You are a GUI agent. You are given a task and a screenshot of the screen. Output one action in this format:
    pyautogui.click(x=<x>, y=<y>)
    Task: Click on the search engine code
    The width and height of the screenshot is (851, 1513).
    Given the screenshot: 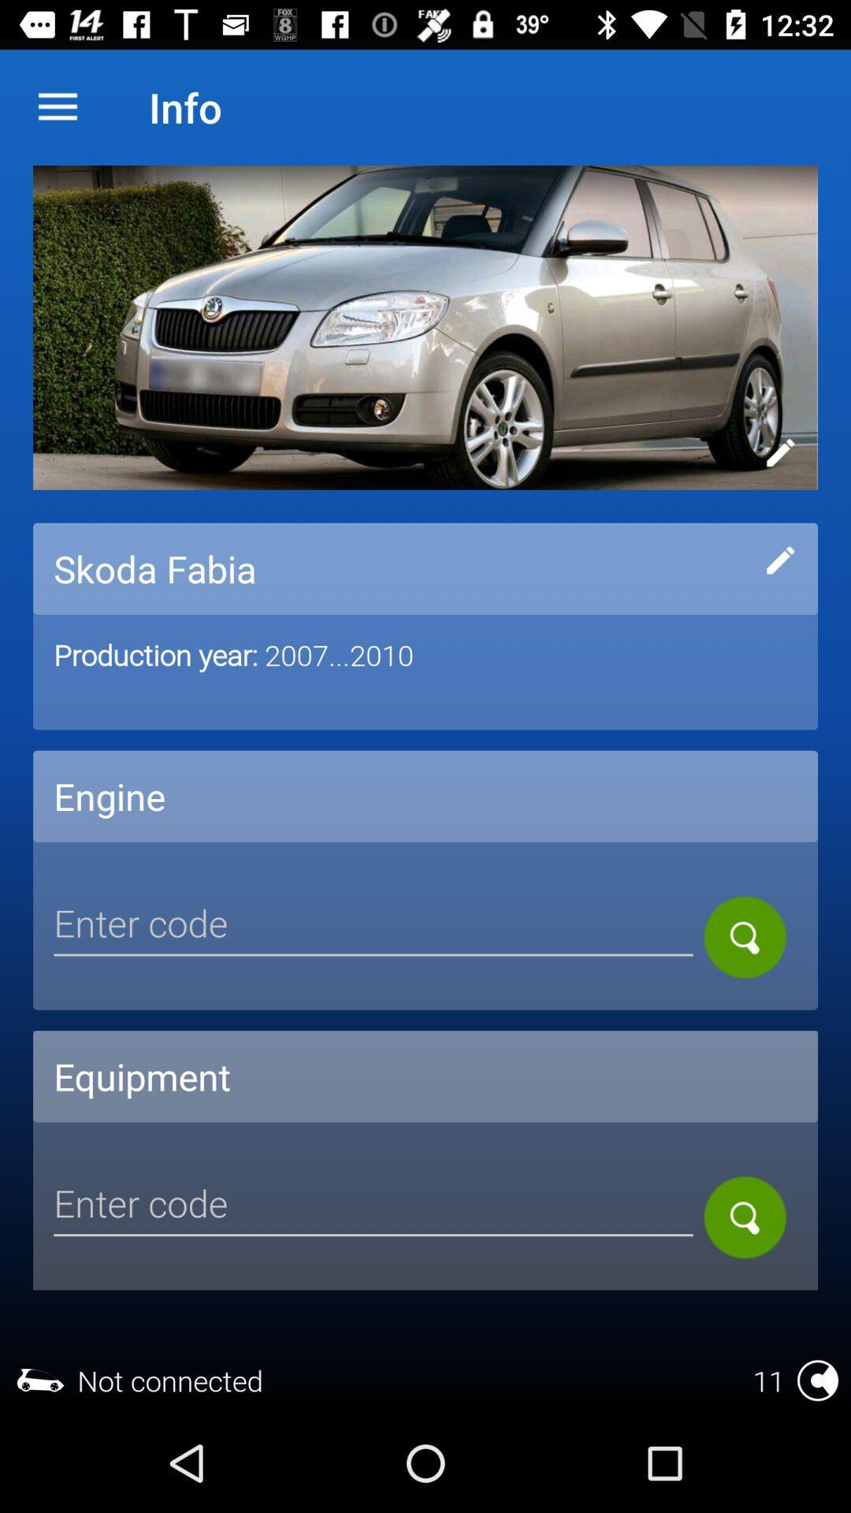 What is the action you would take?
    pyautogui.click(x=745, y=937)
    